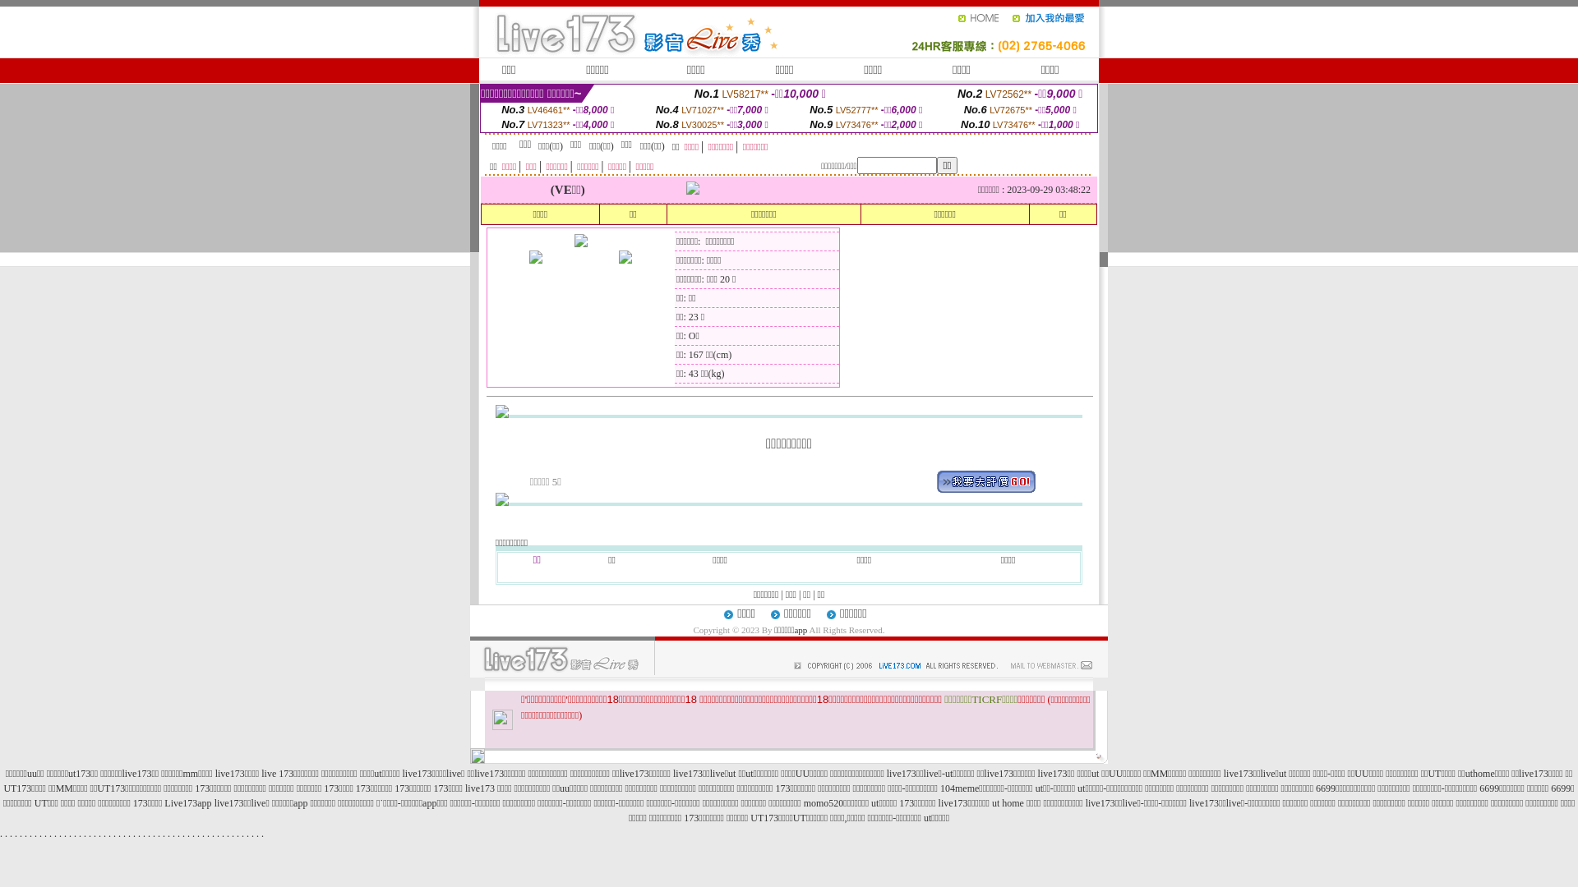 This screenshot has height=887, width=1578. Describe the element at coordinates (4, 833) in the screenshot. I see `'.'` at that location.